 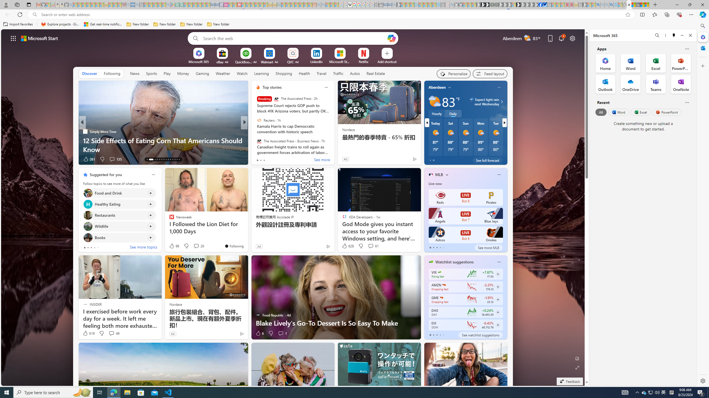 I want to click on 'CBOE Market Volatility Index', so click(x=439, y=272).